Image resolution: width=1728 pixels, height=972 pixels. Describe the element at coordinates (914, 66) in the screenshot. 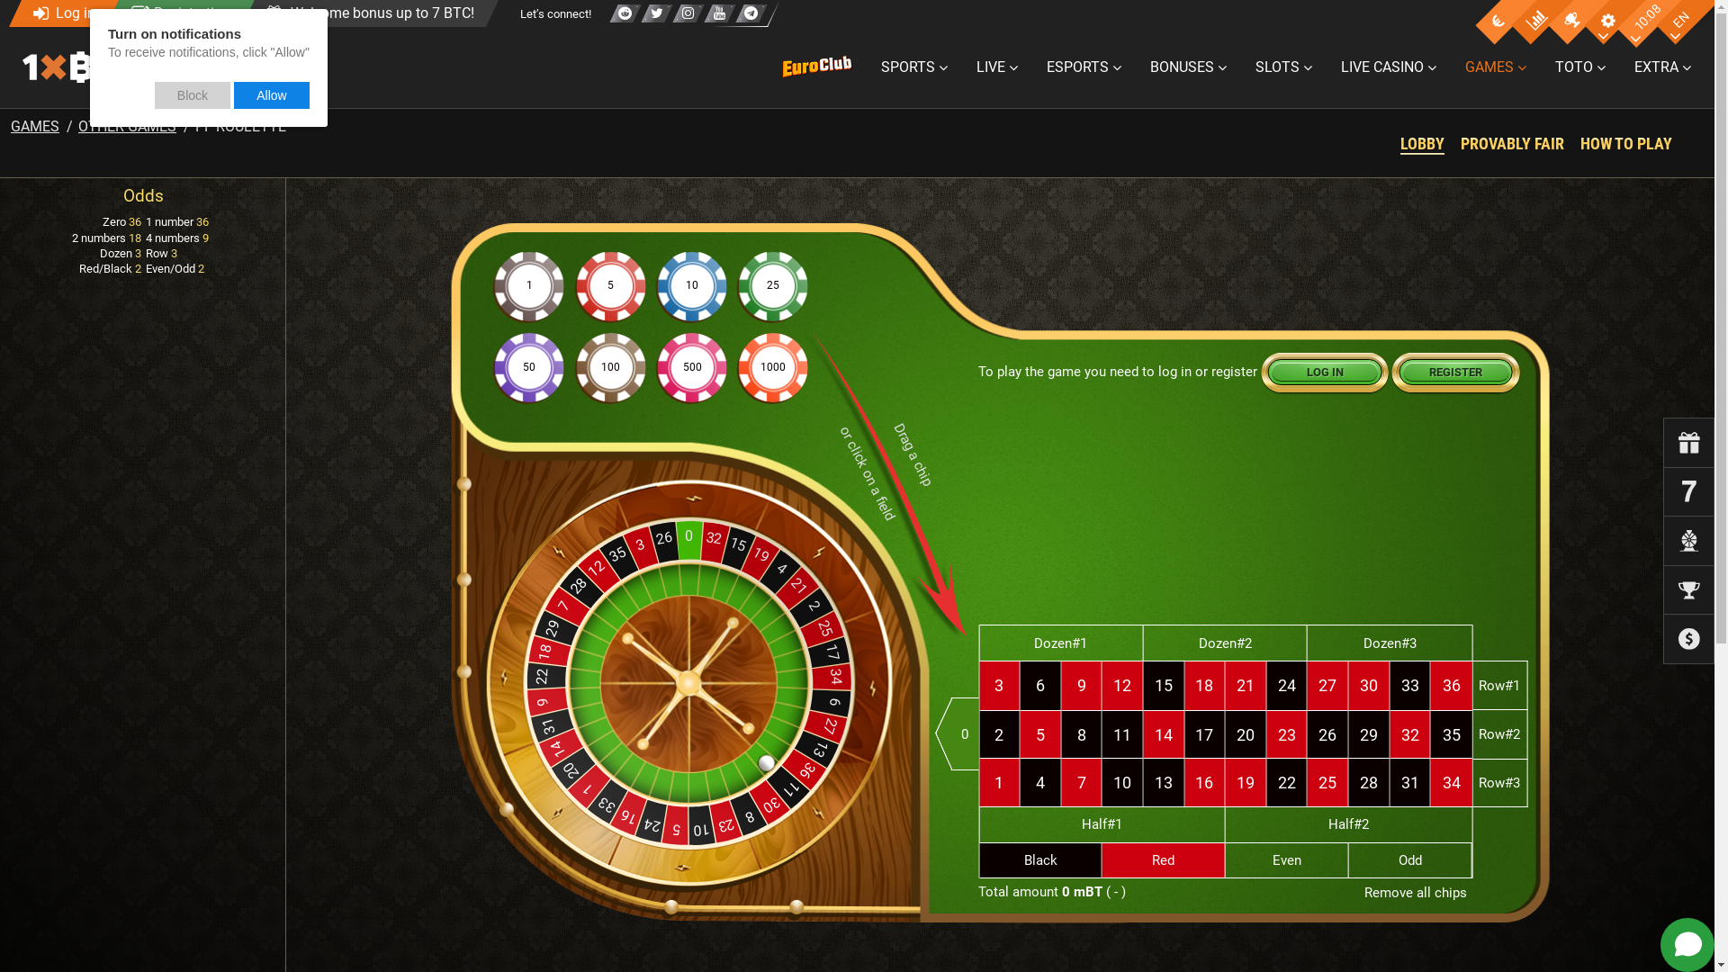

I see `'SPORTS'` at that location.